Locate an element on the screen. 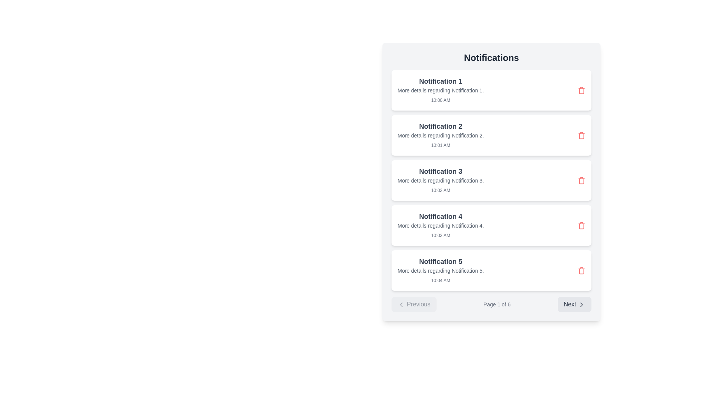  the static text element that shows the timestamp for the third notification, located below 'More details regarding Notification 3.' is located at coordinates (441, 190).